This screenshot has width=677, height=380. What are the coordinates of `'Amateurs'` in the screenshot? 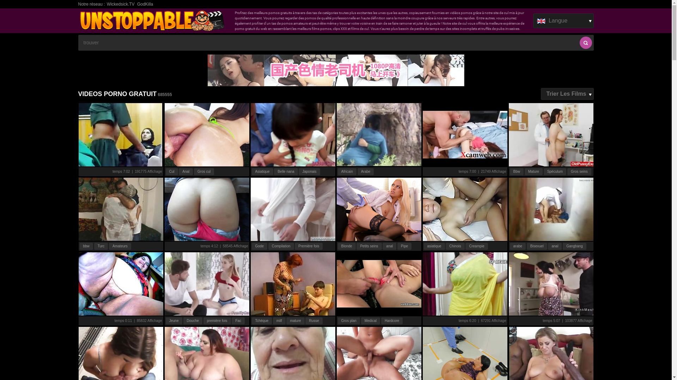 It's located at (120, 246).